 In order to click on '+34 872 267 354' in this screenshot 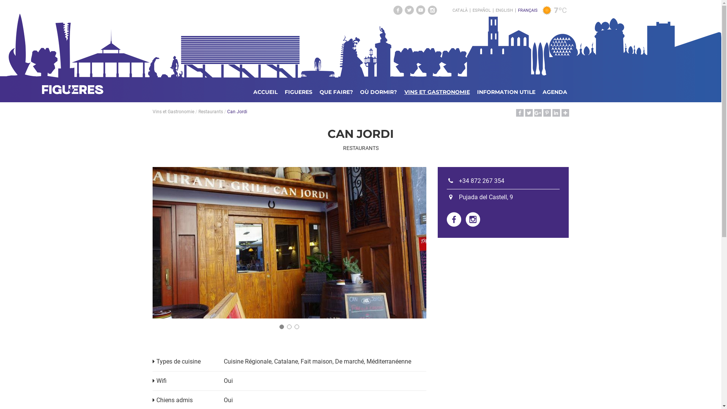, I will do `click(447, 181)`.